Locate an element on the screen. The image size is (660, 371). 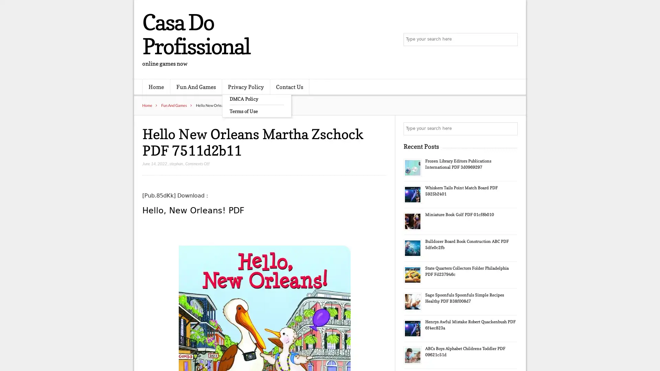
Search is located at coordinates (510, 128).